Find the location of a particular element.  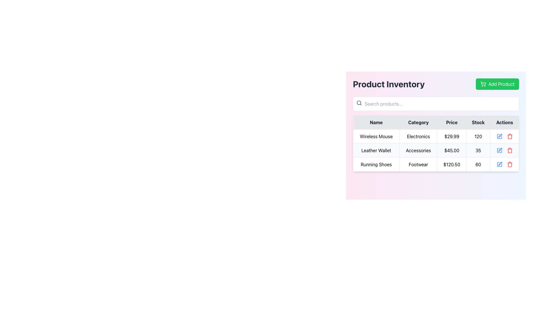

the text label displaying '$29.99' in the 'Price' column of the first row, which is adjacent to the 'Wireless Mouse' in the 'Name' column is located at coordinates (451, 136).